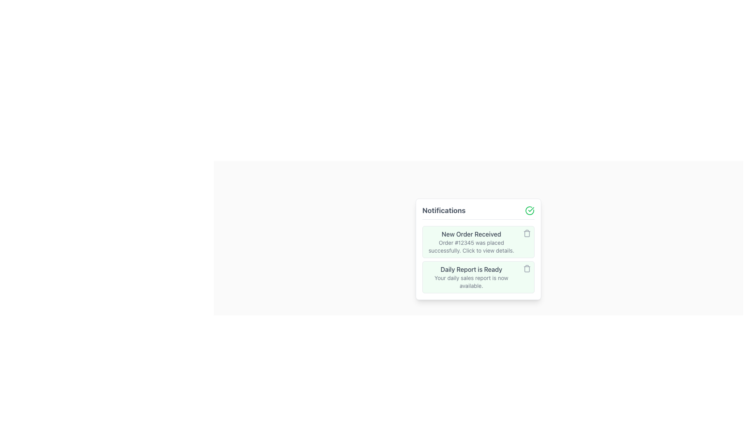 This screenshot has width=753, height=423. What do you see at coordinates (471, 282) in the screenshot?
I see `the text element displaying 'Your daily sales report is now available.' which is located below the header 'Daily Report is Ready.'` at bounding box center [471, 282].